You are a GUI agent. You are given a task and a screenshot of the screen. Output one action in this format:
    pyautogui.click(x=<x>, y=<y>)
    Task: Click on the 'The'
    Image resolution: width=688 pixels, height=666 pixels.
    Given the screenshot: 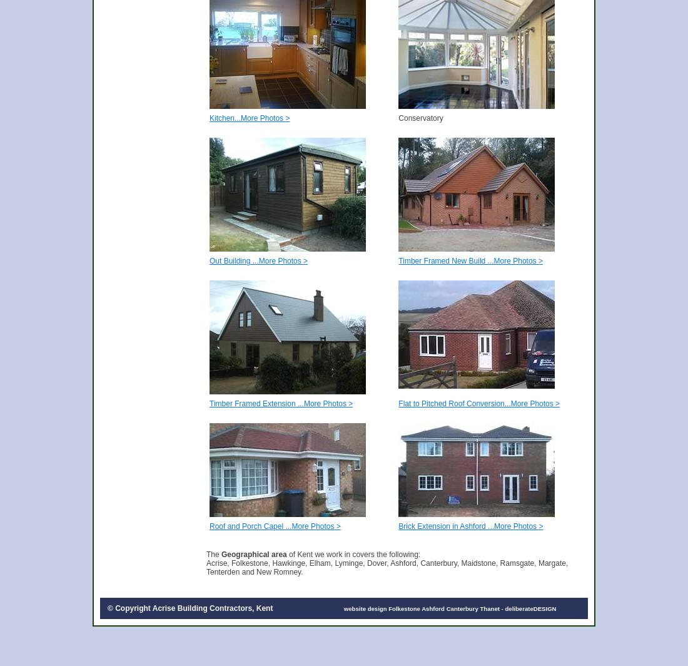 What is the action you would take?
    pyautogui.click(x=213, y=554)
    